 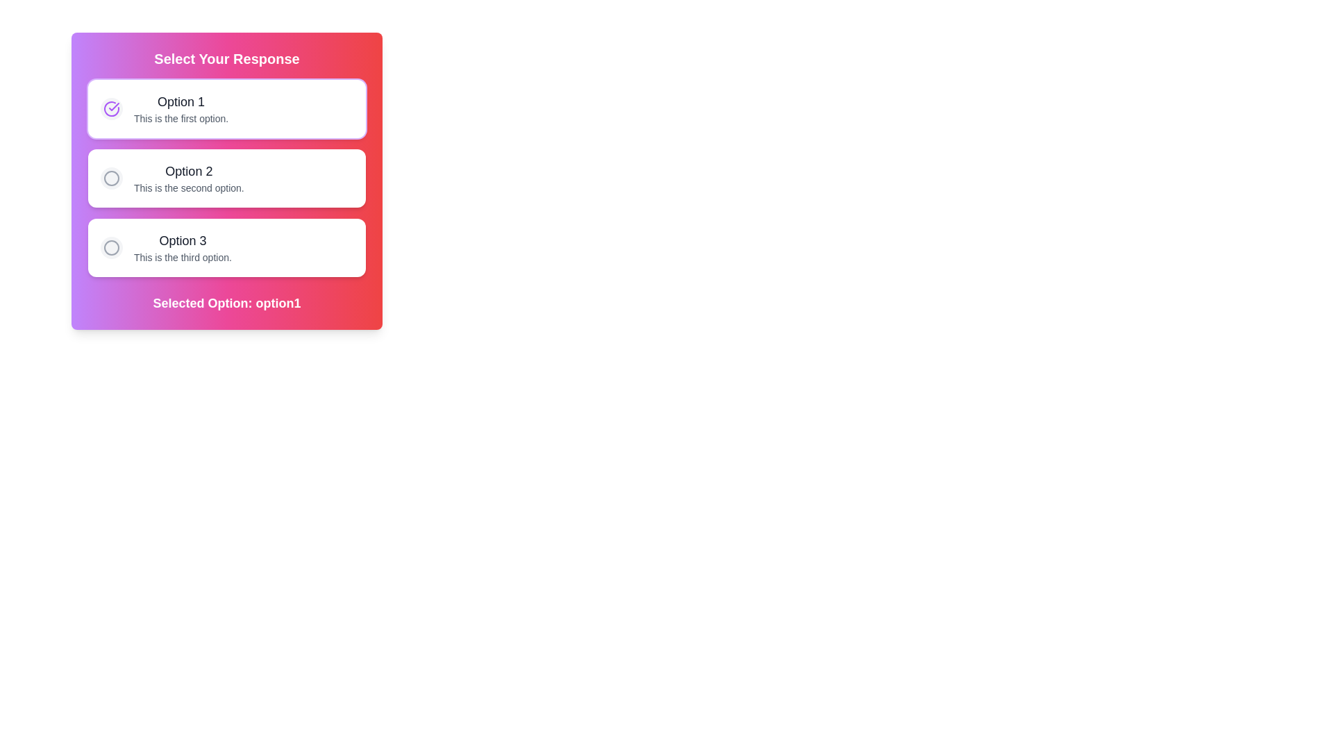 I want to click on the first selectable card in the list, so click(x=226, y=108).